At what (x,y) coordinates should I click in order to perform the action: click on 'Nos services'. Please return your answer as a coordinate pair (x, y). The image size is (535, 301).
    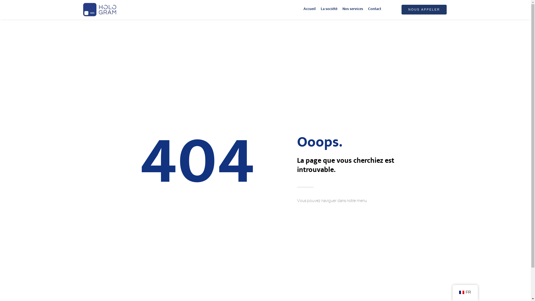
    Looking at the image, I should click on (352, 9).